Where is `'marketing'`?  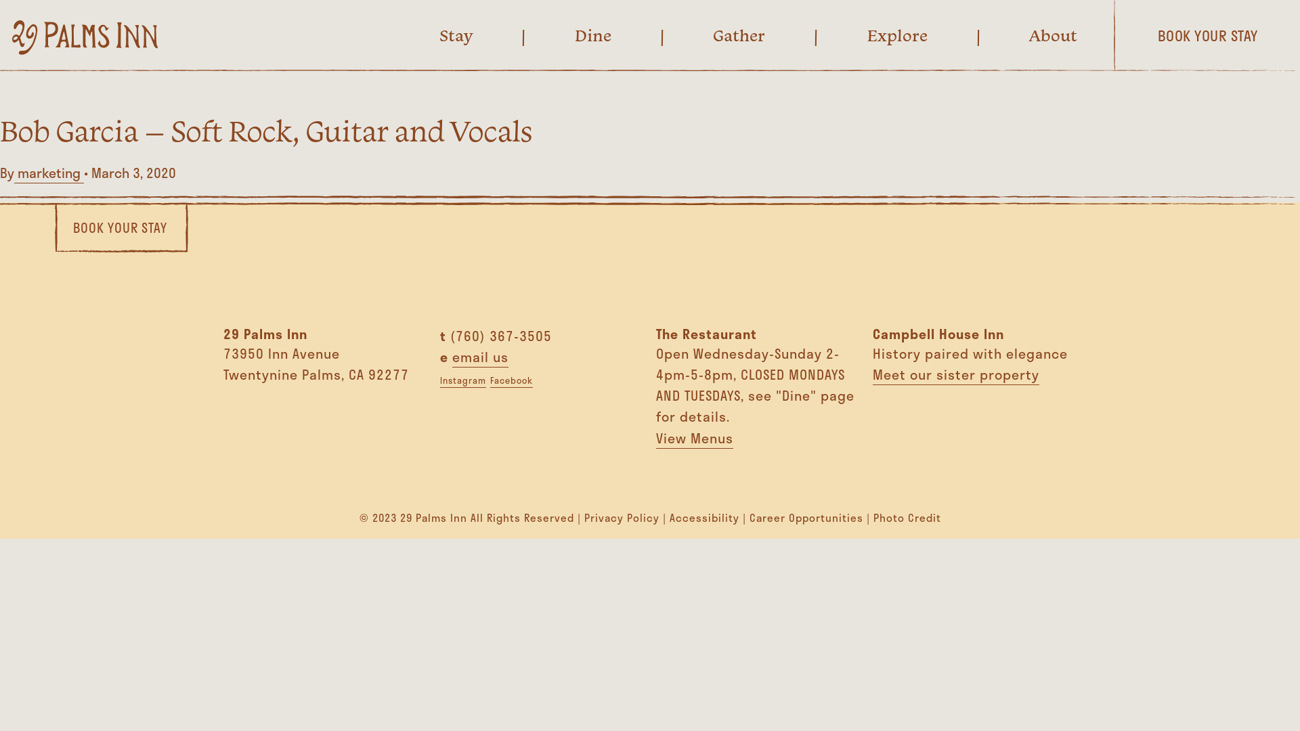 'marketing' is located at coordinates (49, 172).